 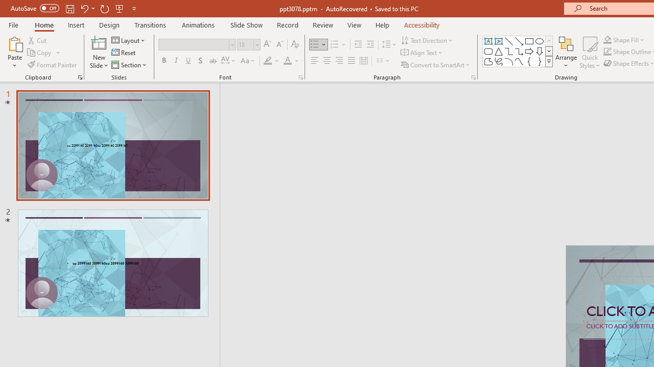 I want to click on 'Paragraph...', so click(x=473, y=76).